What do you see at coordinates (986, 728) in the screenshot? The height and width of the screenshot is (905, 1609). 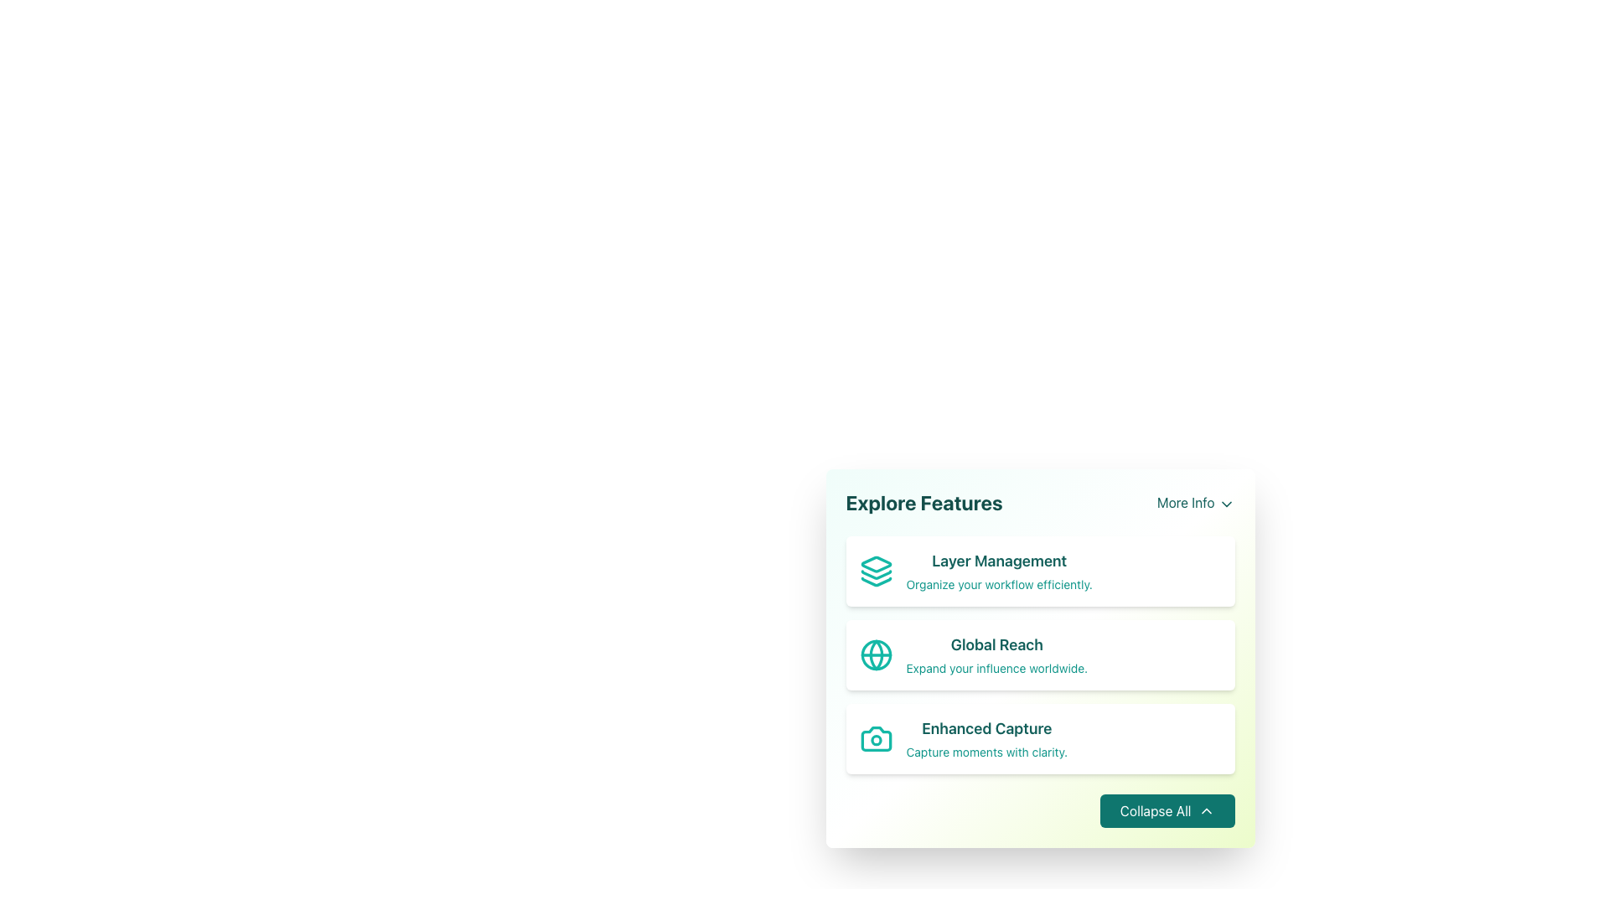 I see `the text label 'Enhanced Capture' styled in bold teal font, which is positioned at the top of its card layout` at bounding box center [986, 728].